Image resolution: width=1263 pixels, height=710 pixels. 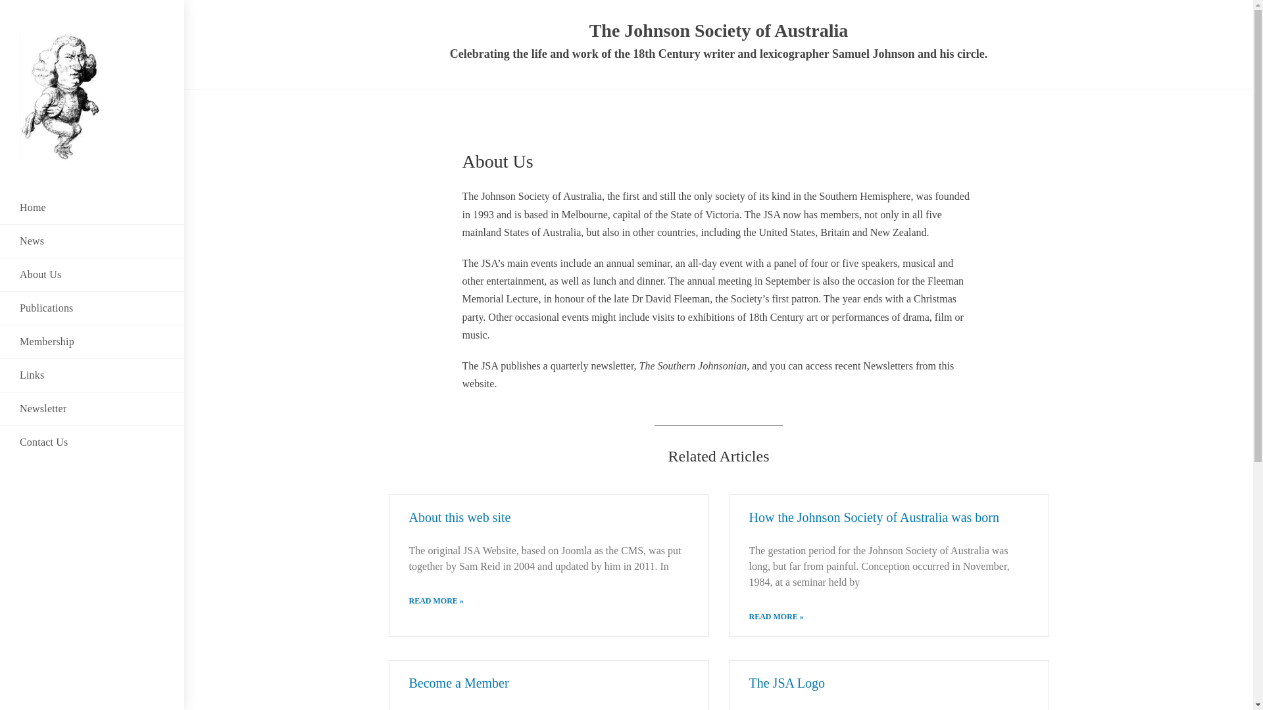 I want to click on 'About Us', so click(x=91, y=273).